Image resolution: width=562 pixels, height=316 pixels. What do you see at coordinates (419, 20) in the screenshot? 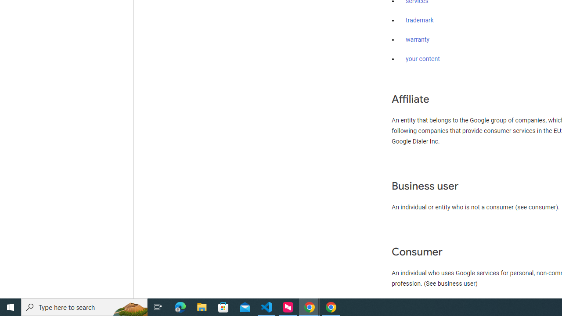
I see `'trademark'` at bounding box center [419, 20].